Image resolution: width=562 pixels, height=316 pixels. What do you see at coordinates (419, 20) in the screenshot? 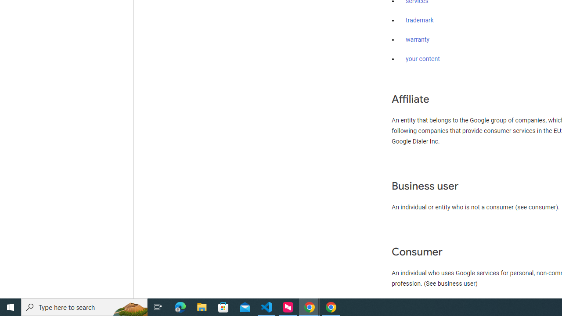
I see `'trademark'` at bounding box center [419, 20].